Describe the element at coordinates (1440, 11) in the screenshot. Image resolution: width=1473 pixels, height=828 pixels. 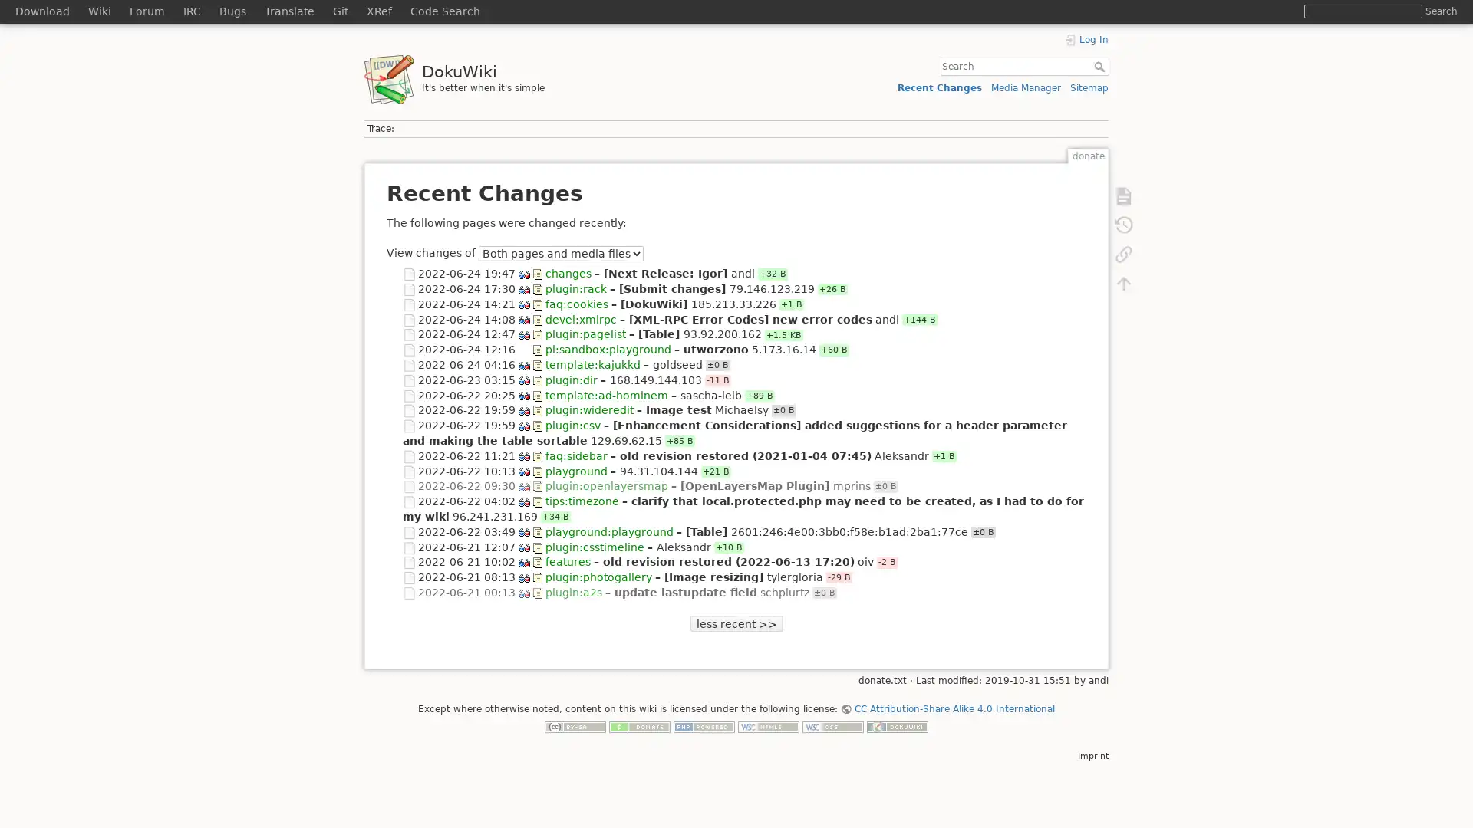
I see `Search` at that location.